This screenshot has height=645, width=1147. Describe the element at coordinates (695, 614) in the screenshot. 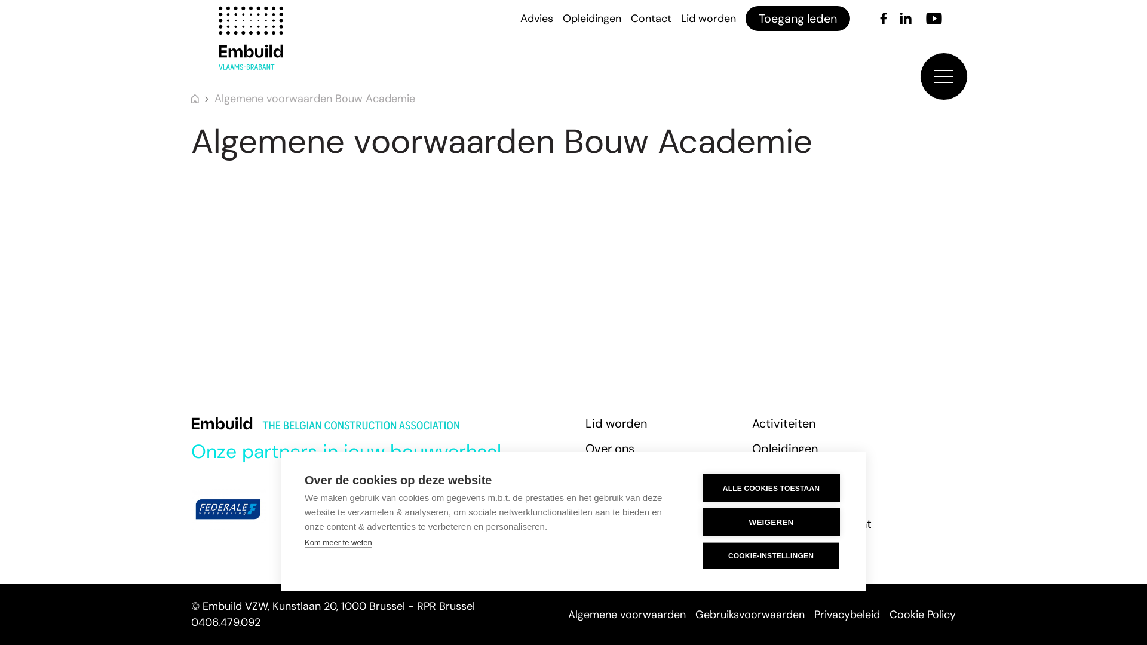

I see `'Gebruiksvoorwaarden'` at that location.